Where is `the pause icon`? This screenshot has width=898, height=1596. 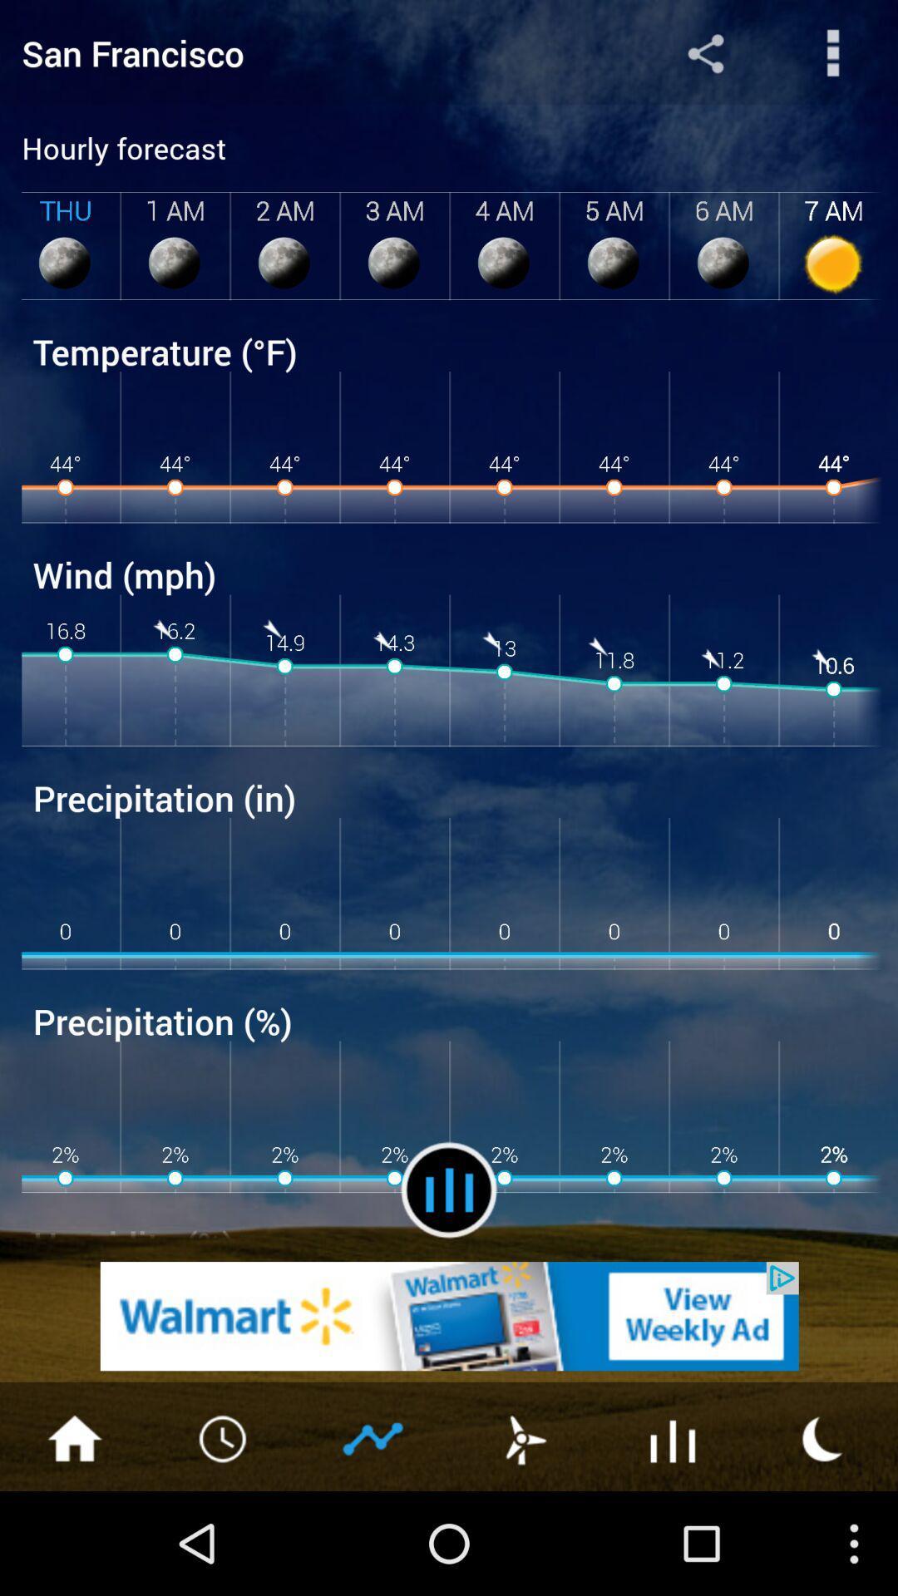
the pause icon is located at coordinates (449, 1273).